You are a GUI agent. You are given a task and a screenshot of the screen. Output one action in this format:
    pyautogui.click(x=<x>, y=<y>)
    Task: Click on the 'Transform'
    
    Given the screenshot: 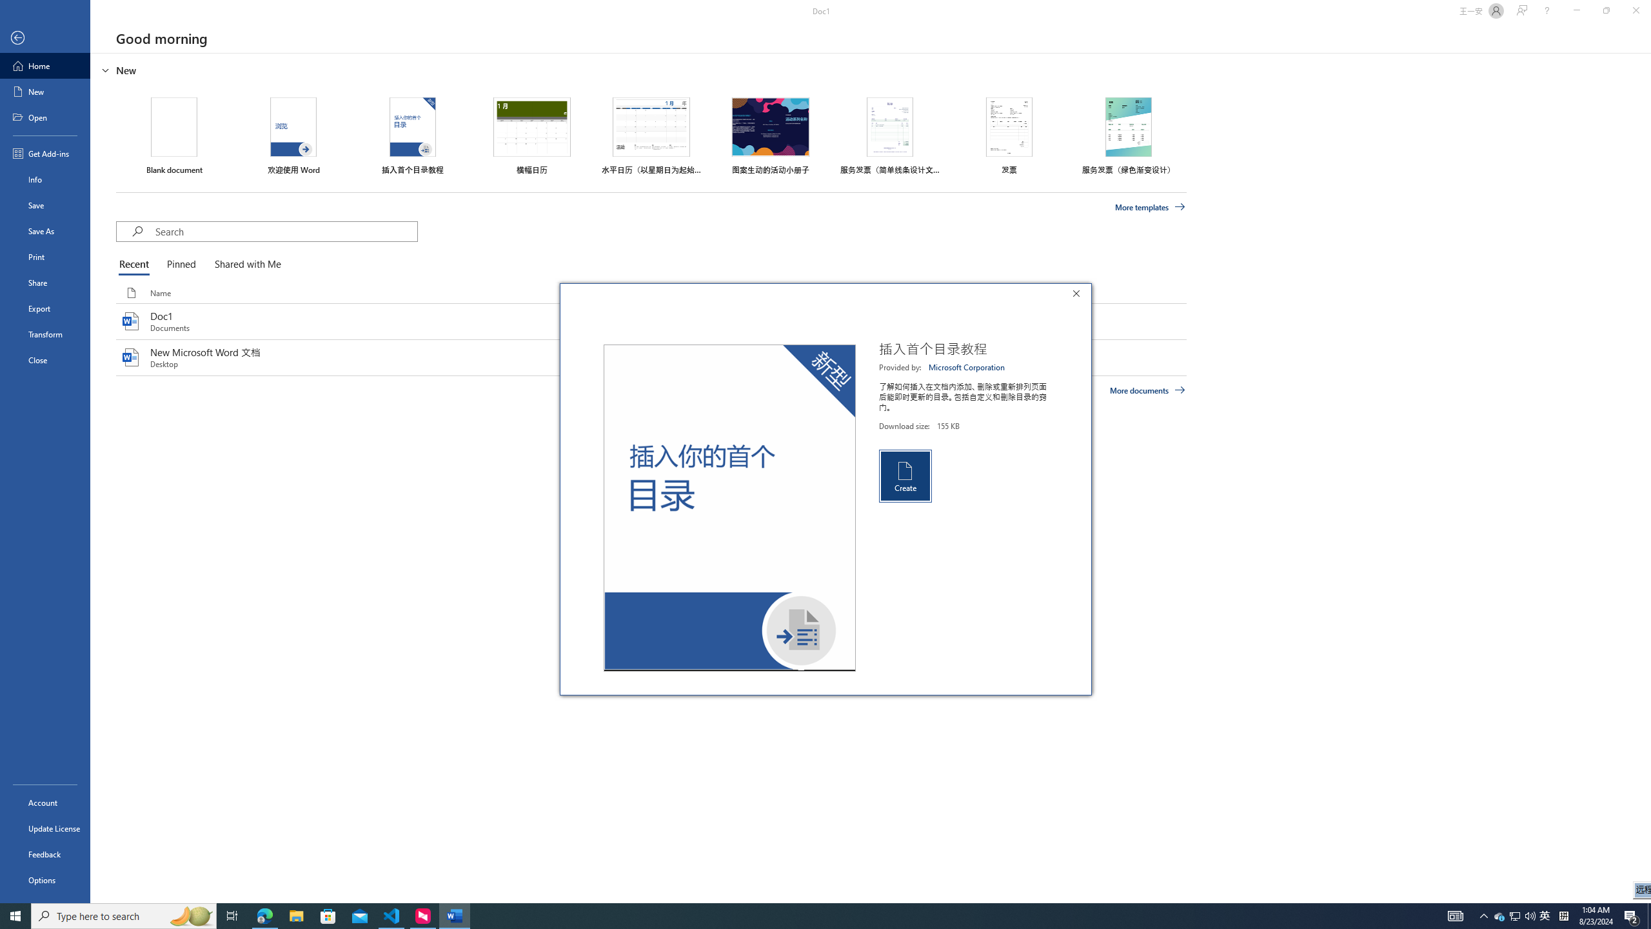 What is the action you would take?
    pyautogui.click(x=44, y=334)
    